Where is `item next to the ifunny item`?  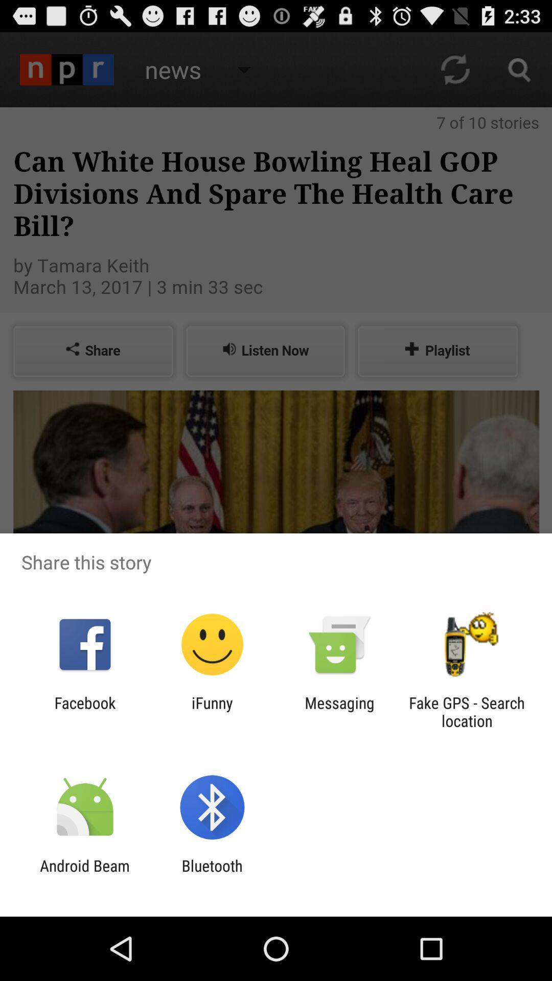 item next to the ifunny item is located at coordinates (339, 711).